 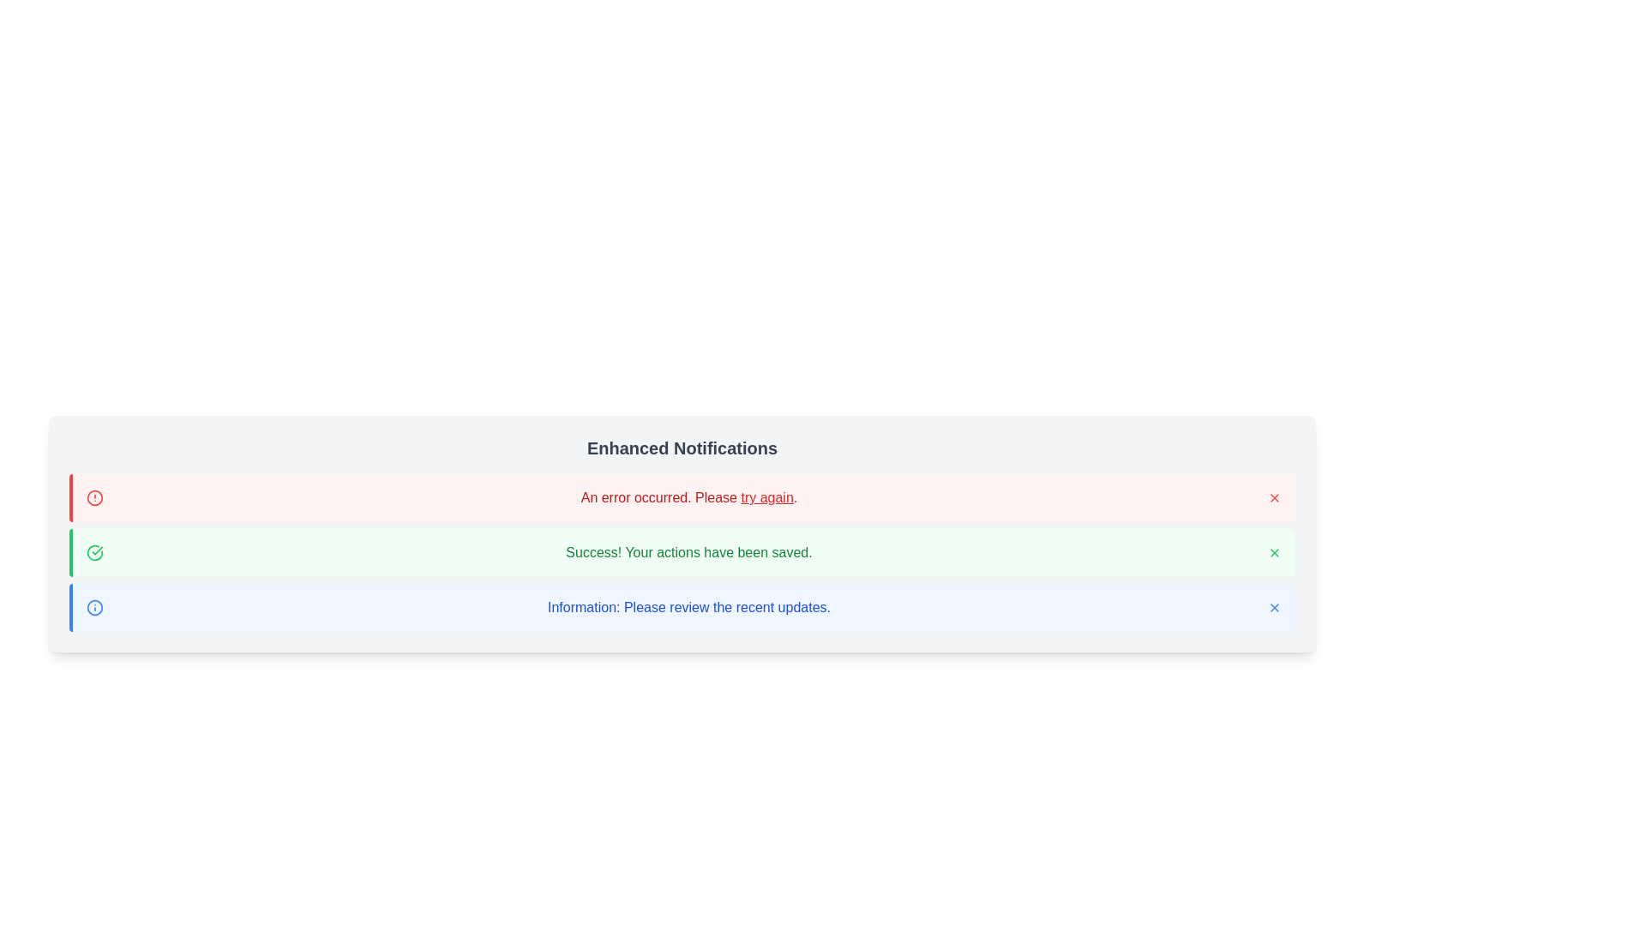 I want to click on the fourth notification box under the 'Enhanced Notifications' header, which serves as an informational message about recent updates, so click(x=682, y=607).